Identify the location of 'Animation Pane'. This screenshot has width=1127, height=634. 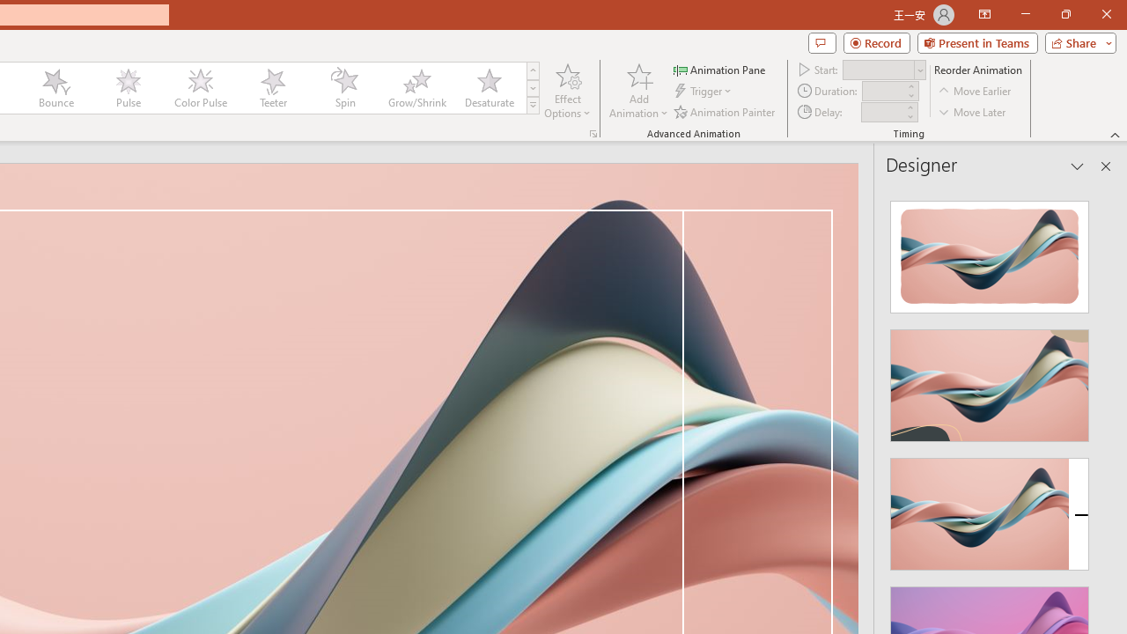
(720, 69).